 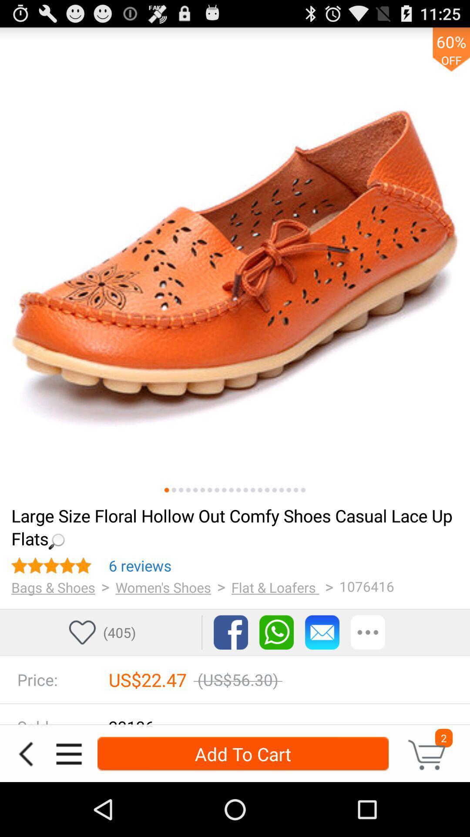 What do you see at coordinates (259, 490) in the screenshot?
I see `item above the loading... icon` at bounding box center [259, 490].